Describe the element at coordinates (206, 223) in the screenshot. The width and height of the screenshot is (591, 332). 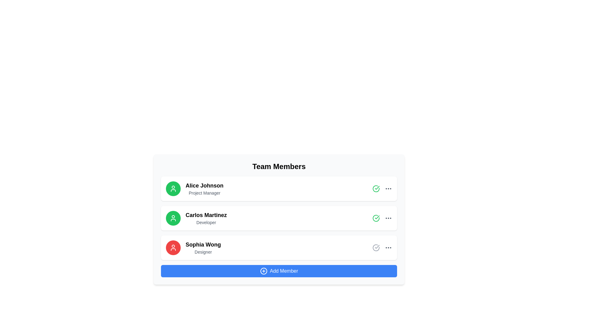
I see `Text Label indicating that 'Carlos Martinez' is a developer, which is positioned directly beneath his name in the profile card` at that location.